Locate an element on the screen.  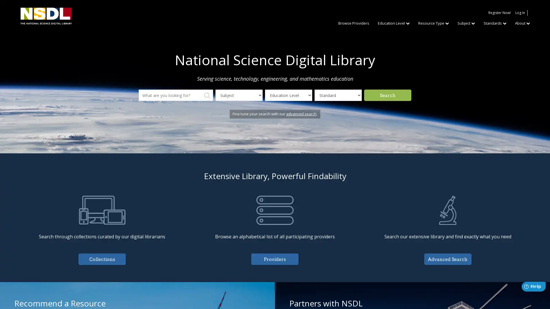
Search is located at coordinates (388, 95).